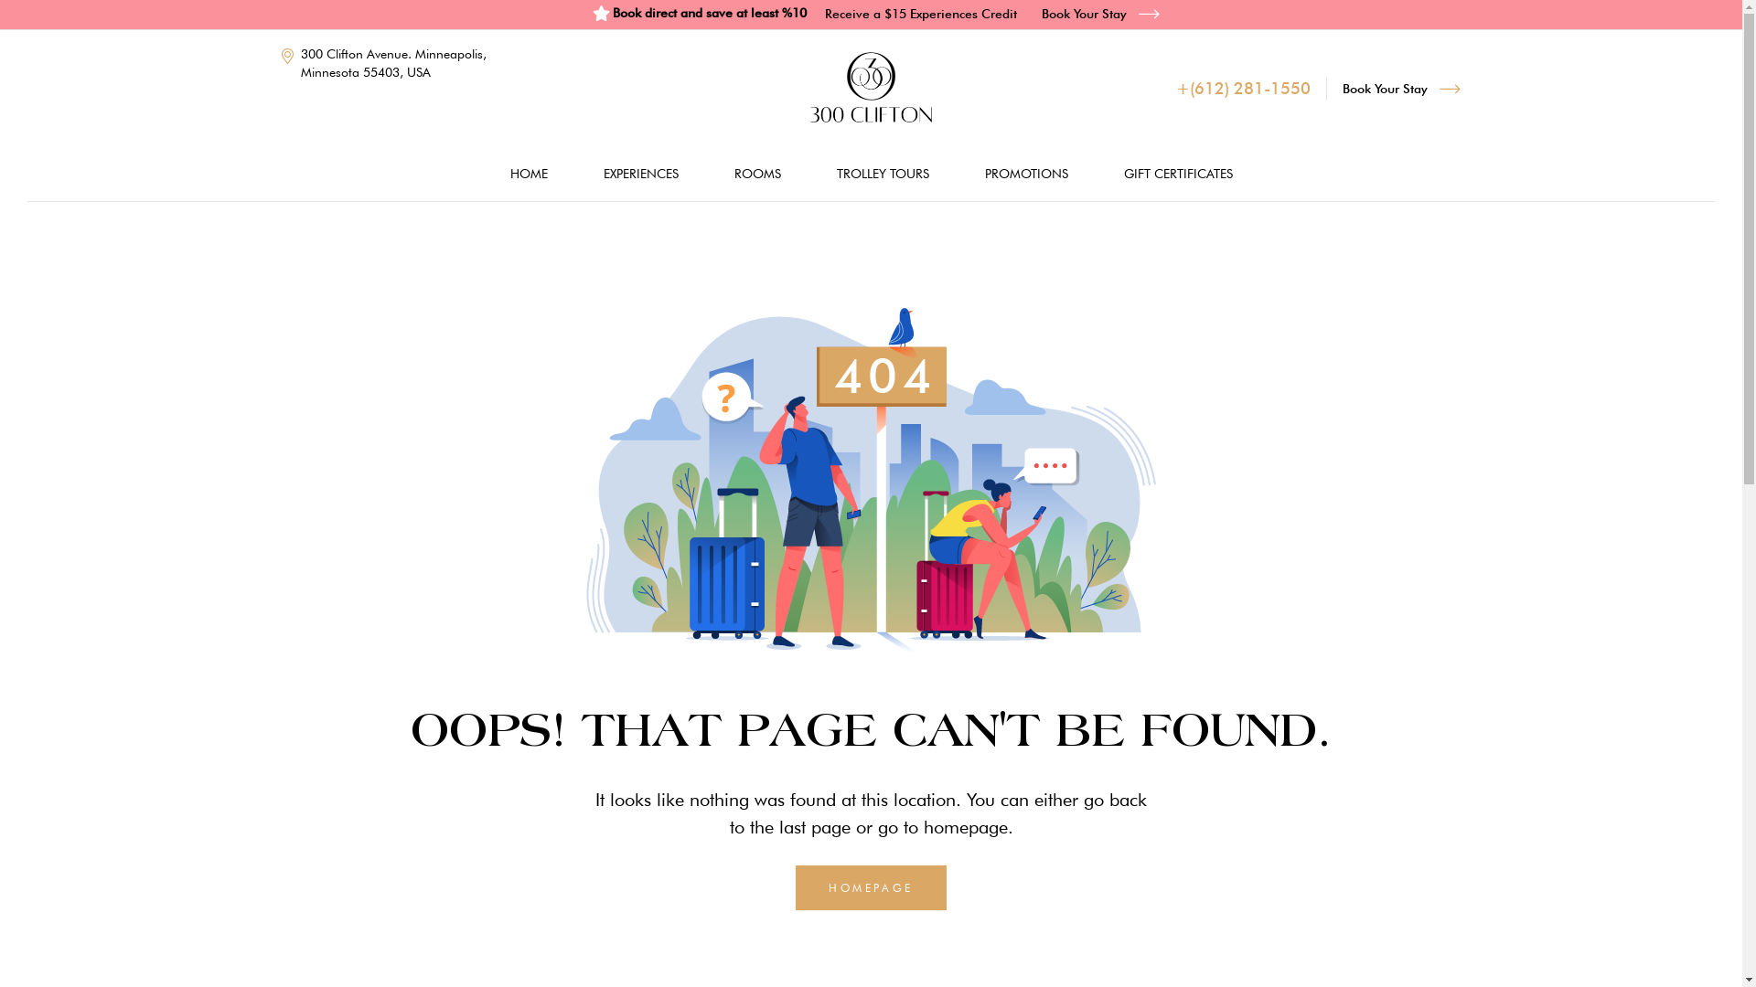 This screenshot has width=1756, height=987. What do you see at coordinates (592, 13) in the screenshot?
I see `'Book direct and save at least %10'` at bounding box center [592, 13].